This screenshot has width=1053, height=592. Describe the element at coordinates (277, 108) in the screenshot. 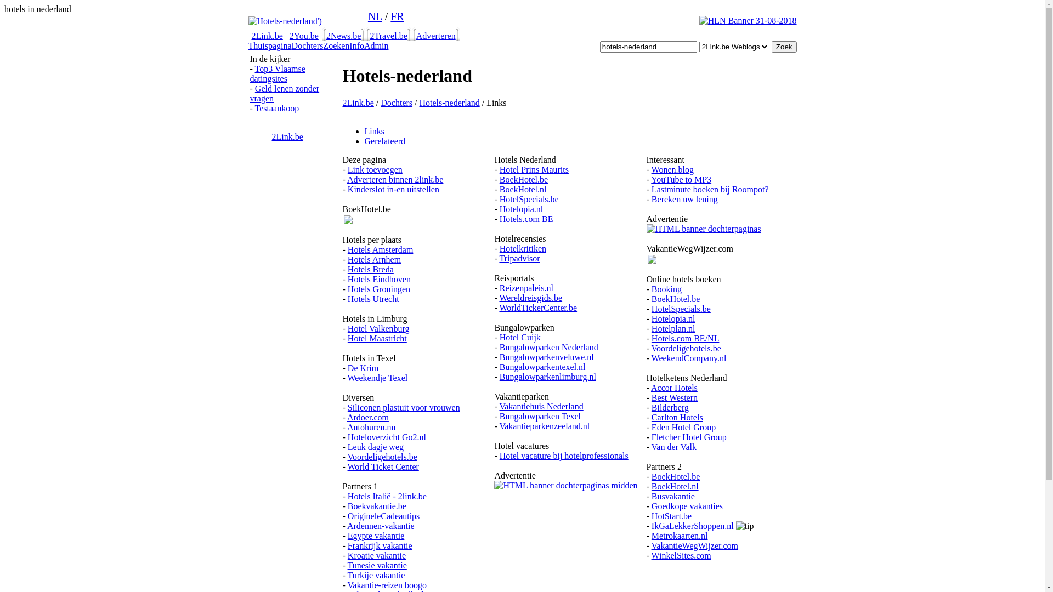

I see `'Testaankoop'` at that location.